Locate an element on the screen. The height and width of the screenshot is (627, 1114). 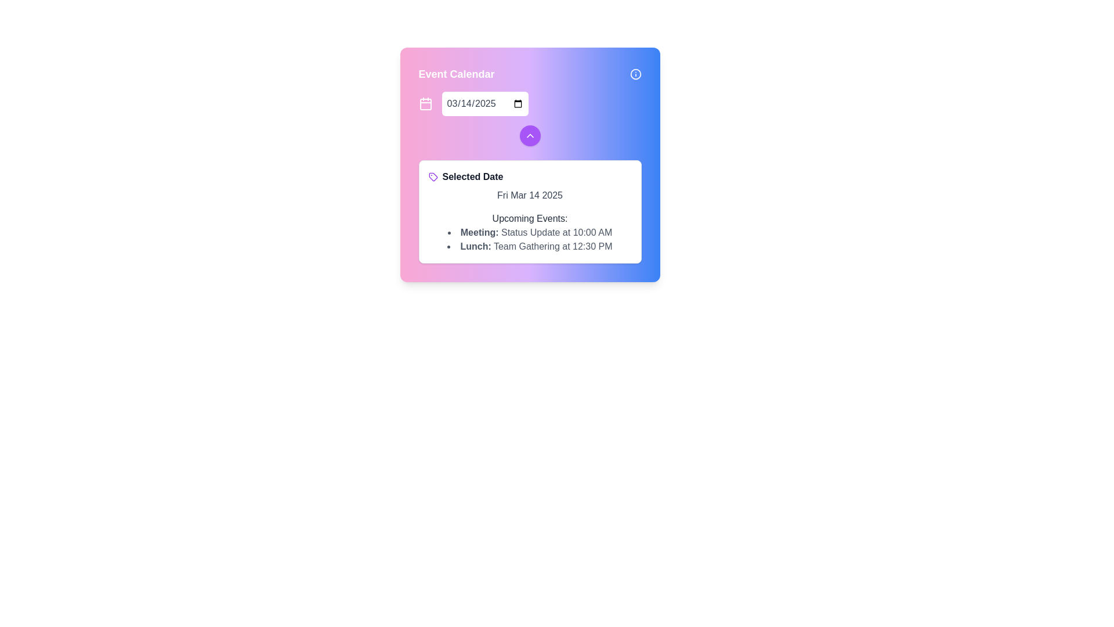
the scheduled event text content in the 'Upcoming Events' list by is located at coordinates (529, 233).